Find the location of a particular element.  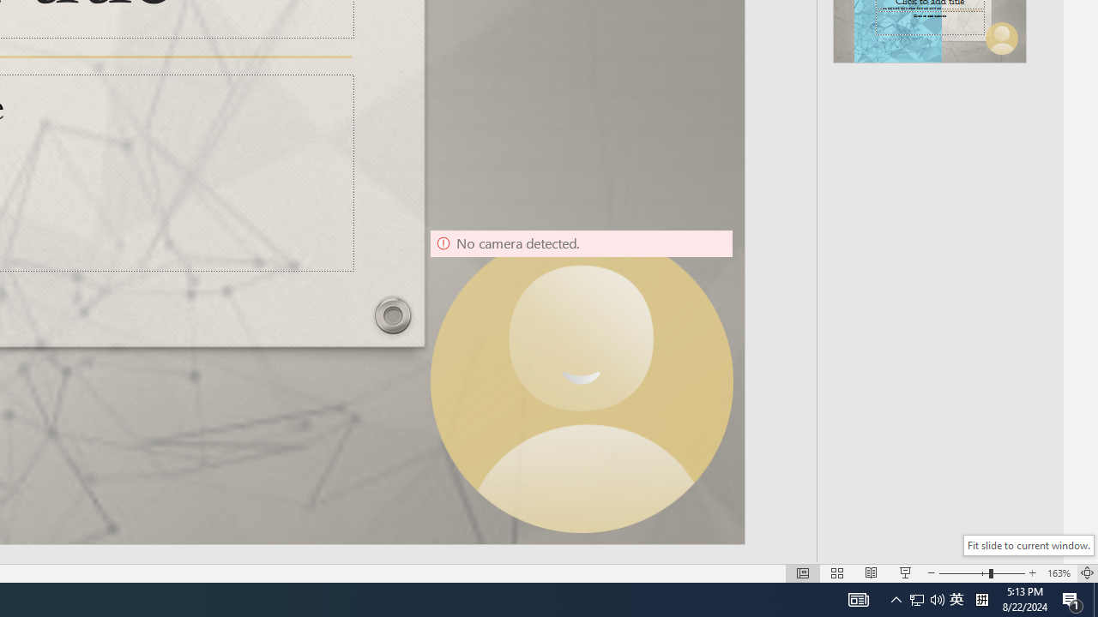

'Zoom 163%' is located at coordinates (1058, 573).